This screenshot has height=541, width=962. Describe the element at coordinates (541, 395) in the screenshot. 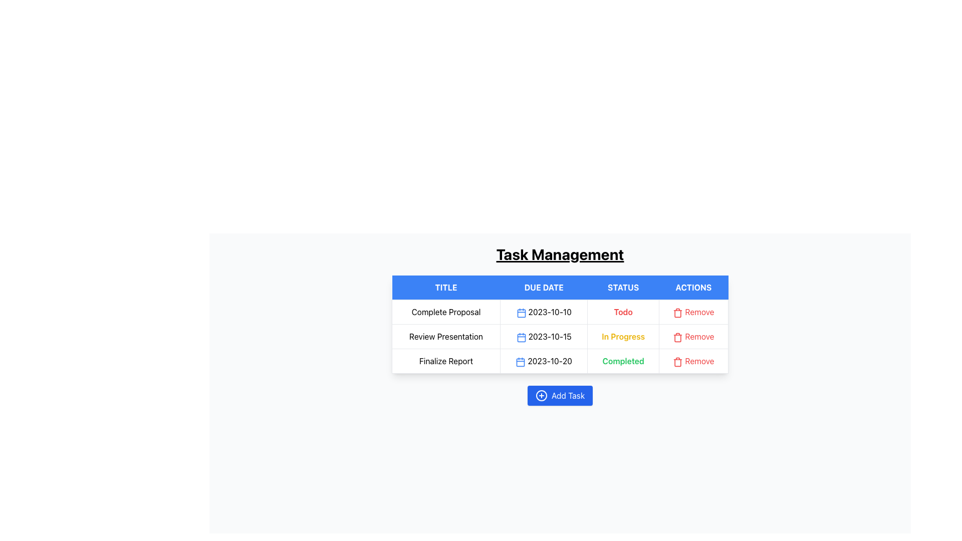

I see `the appearance of the SVG circle element, which is a circular shape with a radius of 10 units, styled with a stroke width of 2, located at the center of the SVG icon beneath the 'Add Task' button` at that location.